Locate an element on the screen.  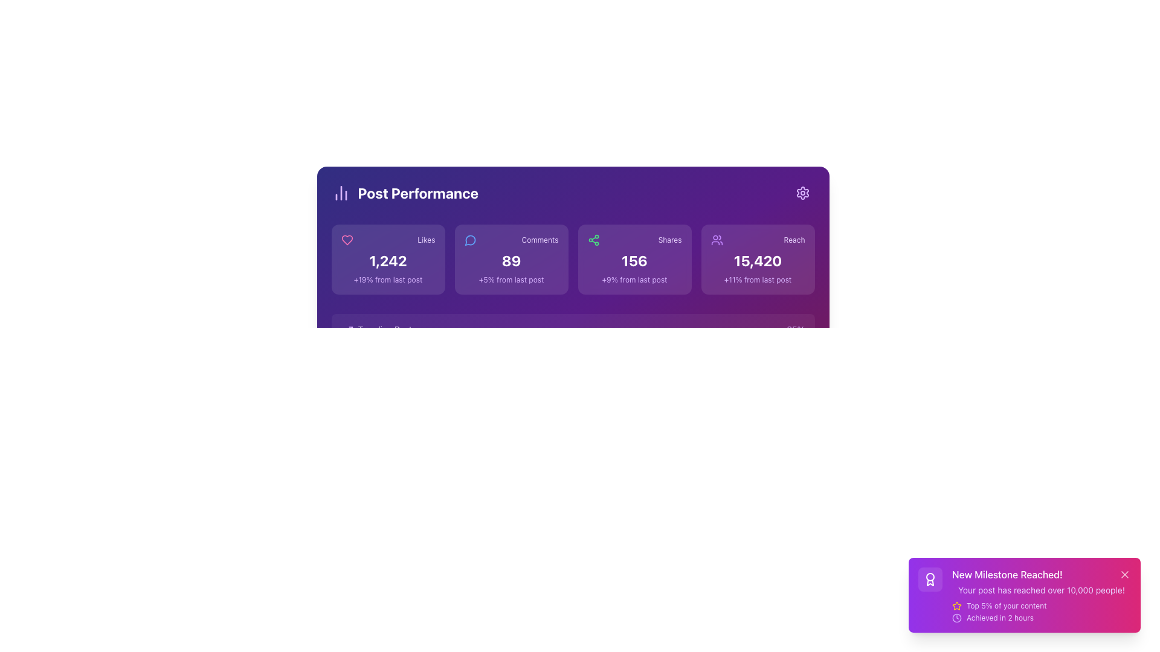
the green-colored icon resembling a connected nodes graph located in the 'Shares' section of the 'Post Performance' panel, positioned at the top-left corner beside the numerical display is located at coordinates (593, 240).